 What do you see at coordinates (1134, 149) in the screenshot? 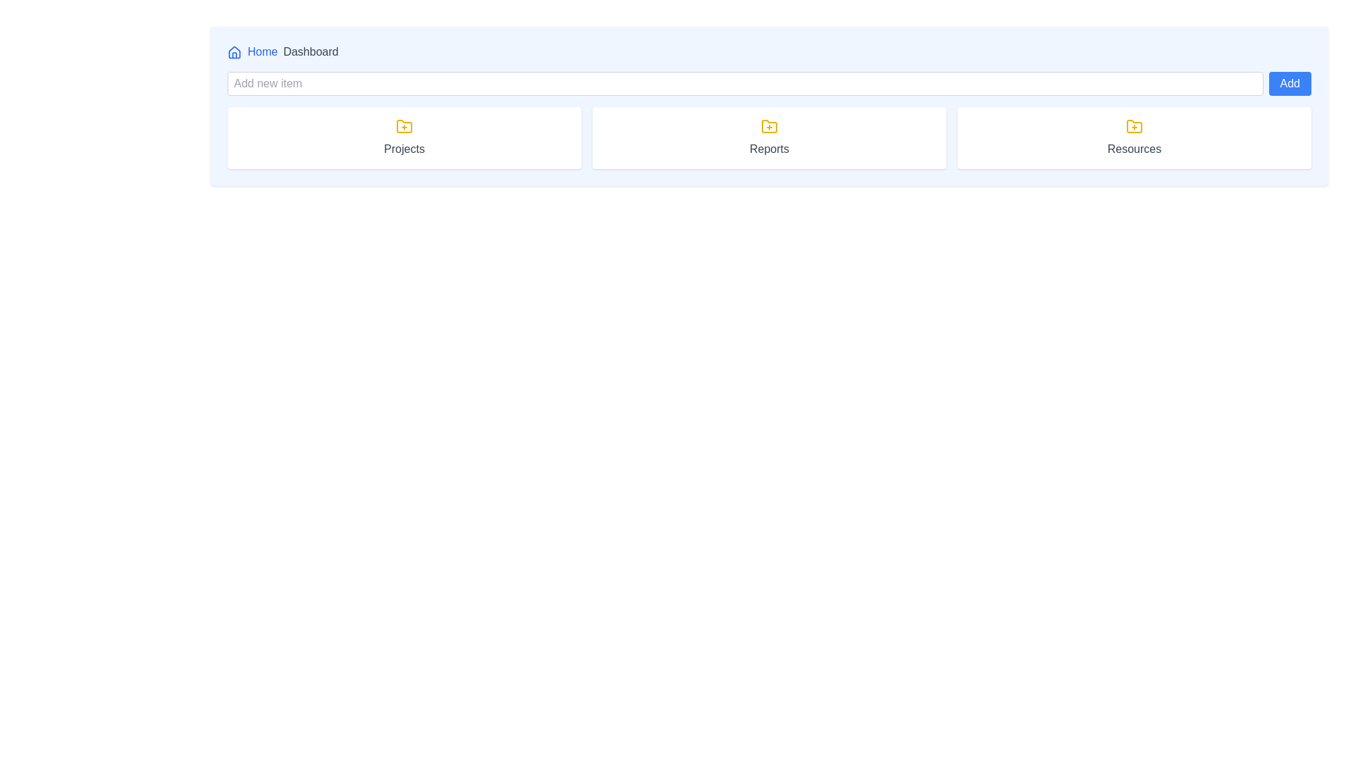
I see `text label 'Resources' styled in a smaller gray font located in the content card with a white background and rounded corners` at bounding box center [1134, 149].